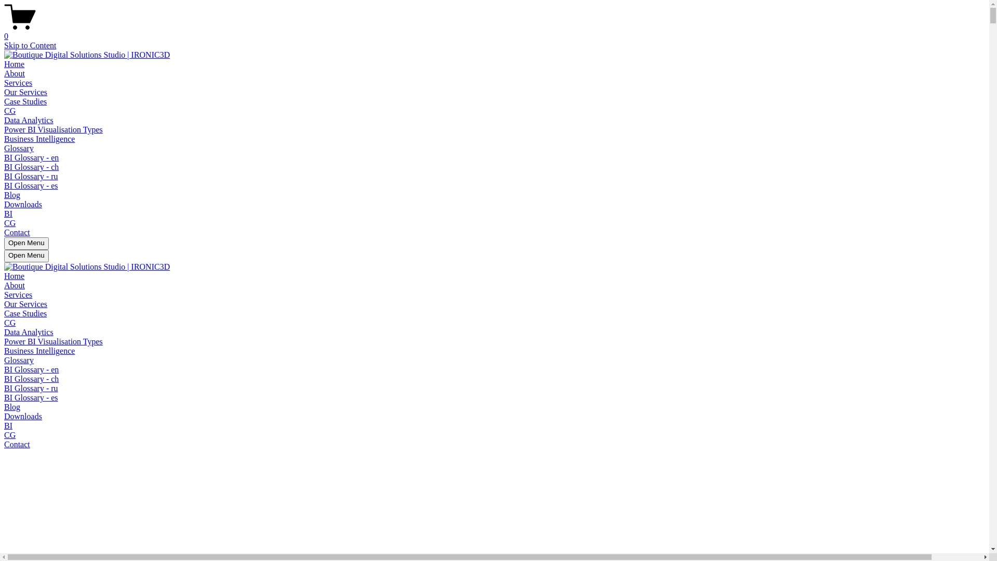 Image resolution: width=997 pixels, height=561 pixels. Describe the element at coordinates (10, 222) in the screenshot. I see `'CG'` at that location.